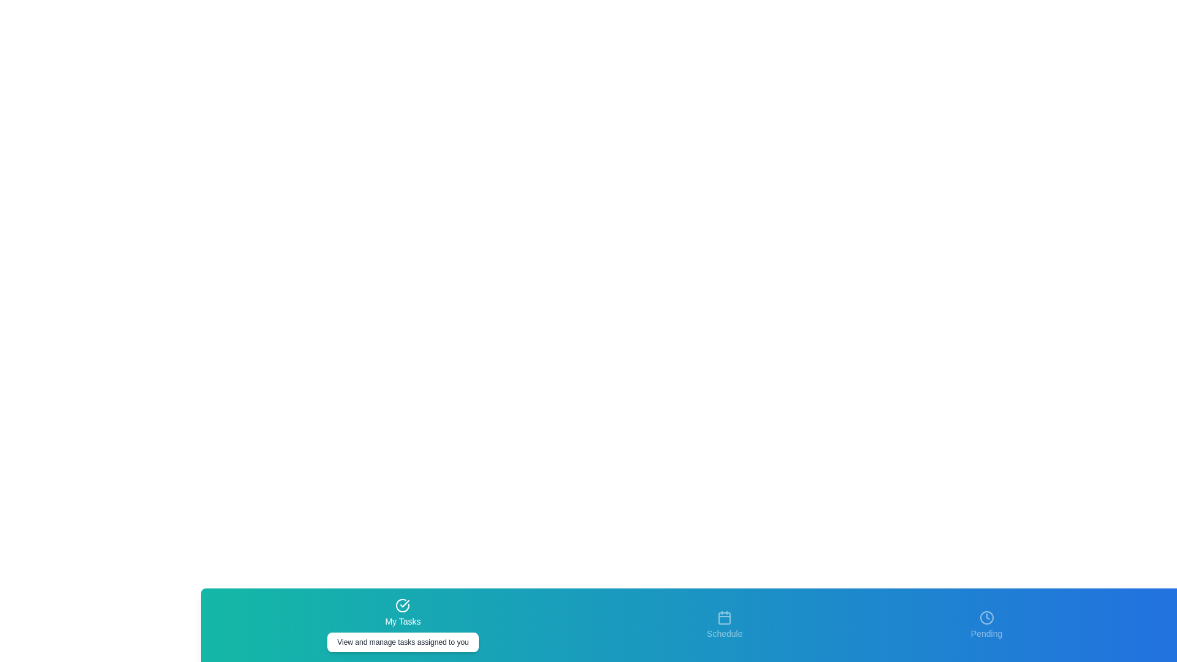  Describe the element at coordinates (403, 625) in the screenshot. I see `the tab labeled My Tasks by clicking on its icon or label` at that location.